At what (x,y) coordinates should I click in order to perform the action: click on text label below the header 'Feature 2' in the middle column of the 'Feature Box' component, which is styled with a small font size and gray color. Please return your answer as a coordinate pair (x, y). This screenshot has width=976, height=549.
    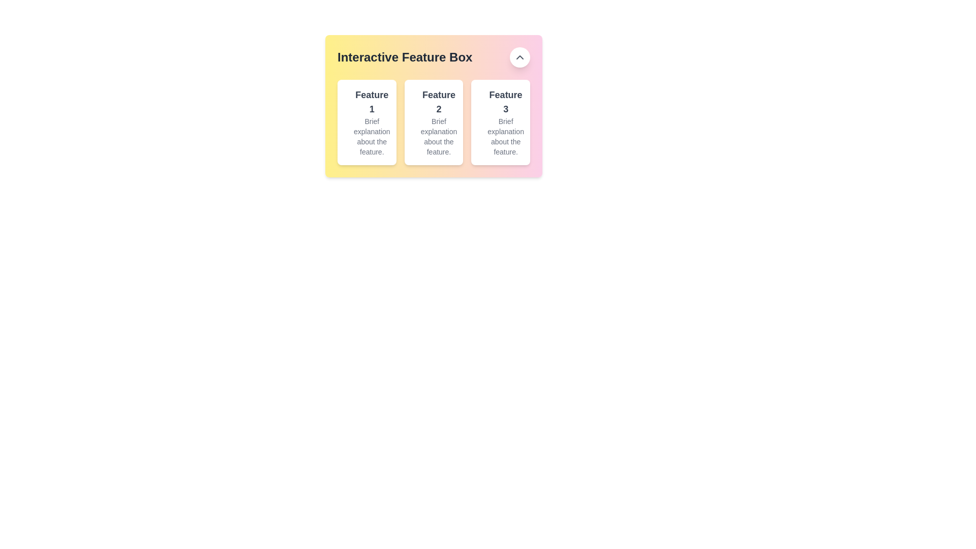
    Looking at the image, I should click on (439, 136).